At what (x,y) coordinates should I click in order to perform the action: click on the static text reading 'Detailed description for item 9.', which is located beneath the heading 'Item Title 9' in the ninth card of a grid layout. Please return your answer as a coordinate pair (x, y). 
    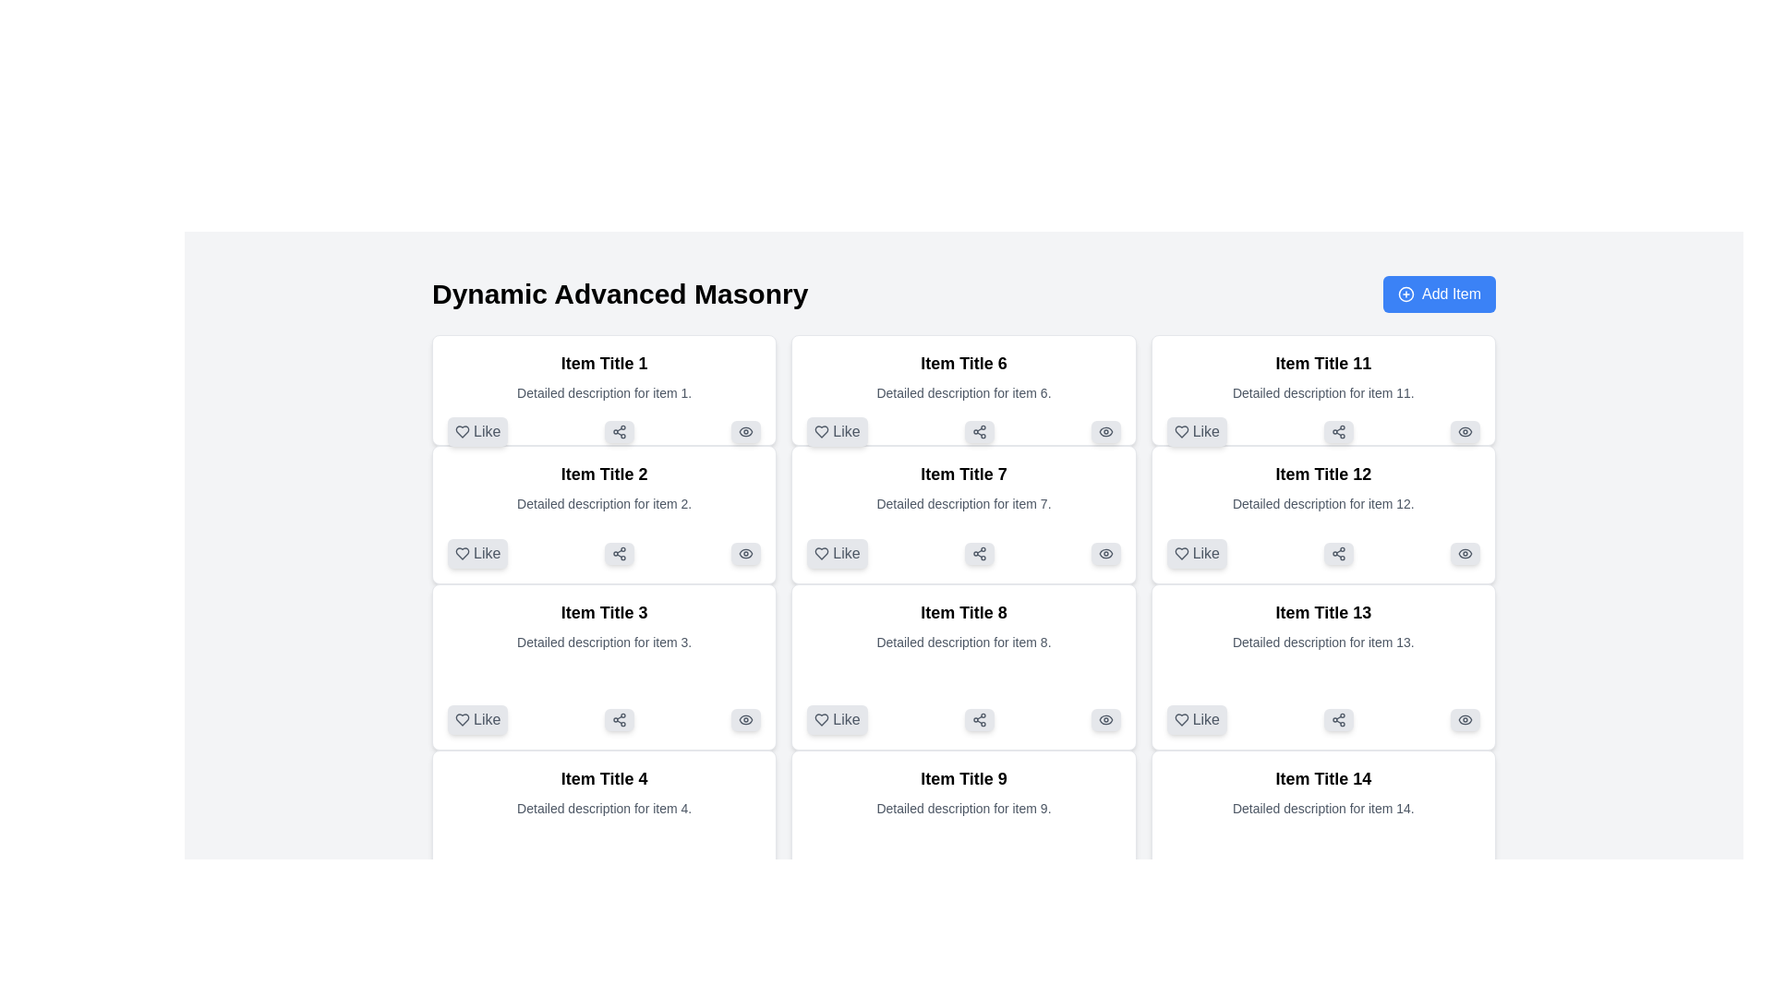
    Looking at the image, I should click on (962, 807).